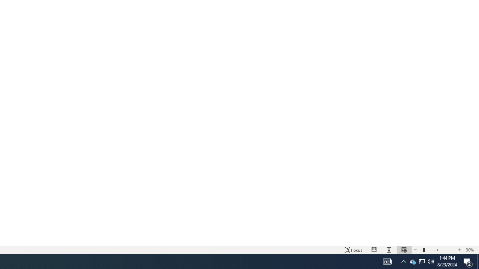  I want to click on 'Zoom Out', so click(421, 250).